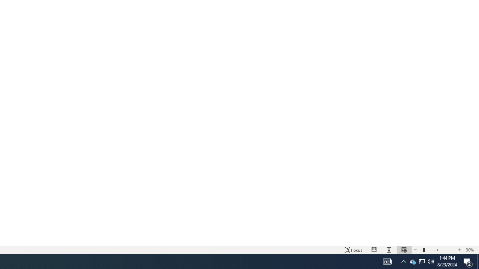  I want to click on 'Zoom Out', so click(421, 250).